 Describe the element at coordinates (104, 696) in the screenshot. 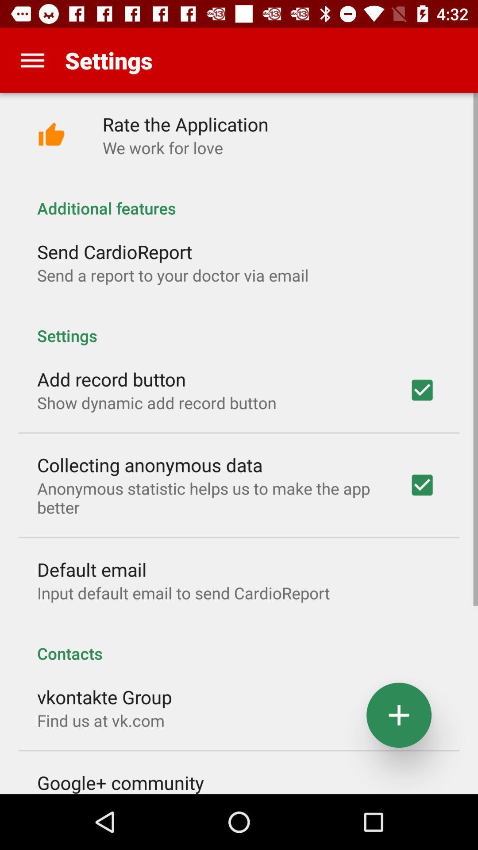

I see `app below contacts item` at that location.